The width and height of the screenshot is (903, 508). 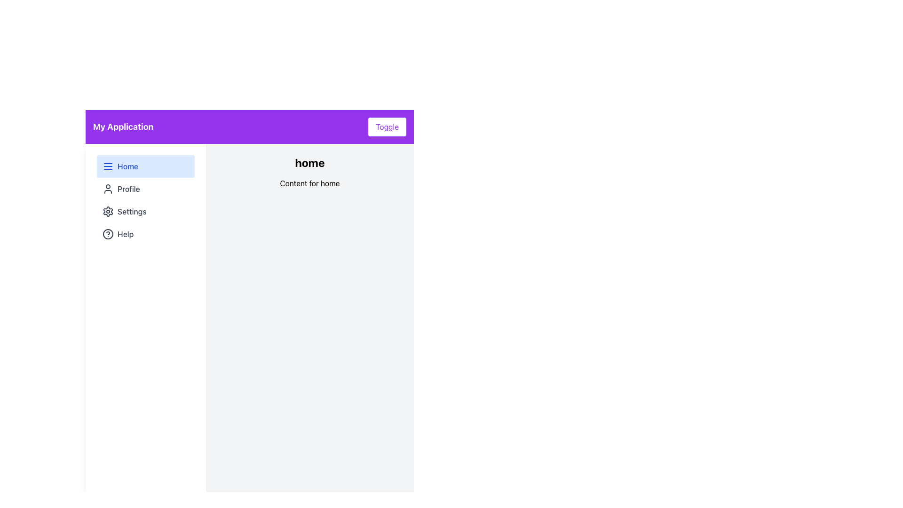 What do you see at coordinates (108, 189) in the screenshot?
I see `the 'Profile' menu item represented by the SVG graphic located in the left navigation panel, positioned below 'Home' and above 'Settings'` at bounding box center [108, 189].